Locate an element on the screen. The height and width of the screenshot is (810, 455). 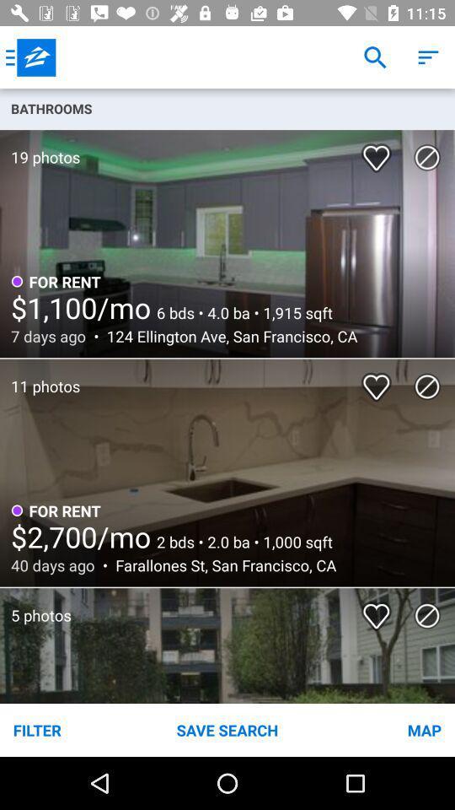
the bathrooms is located at coordinates (227, 107).